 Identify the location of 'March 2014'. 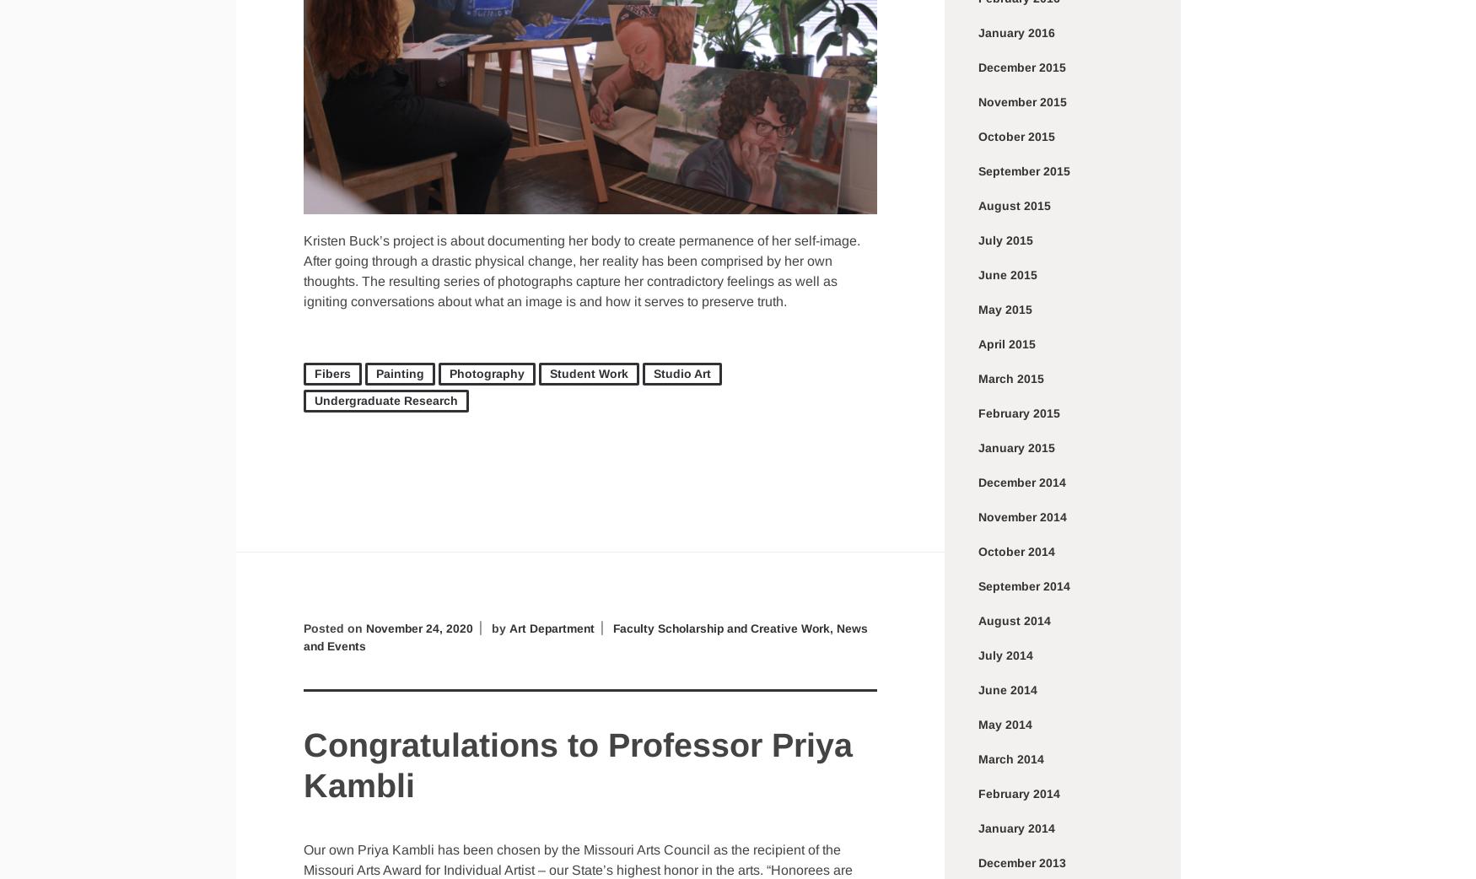
(978, 758).